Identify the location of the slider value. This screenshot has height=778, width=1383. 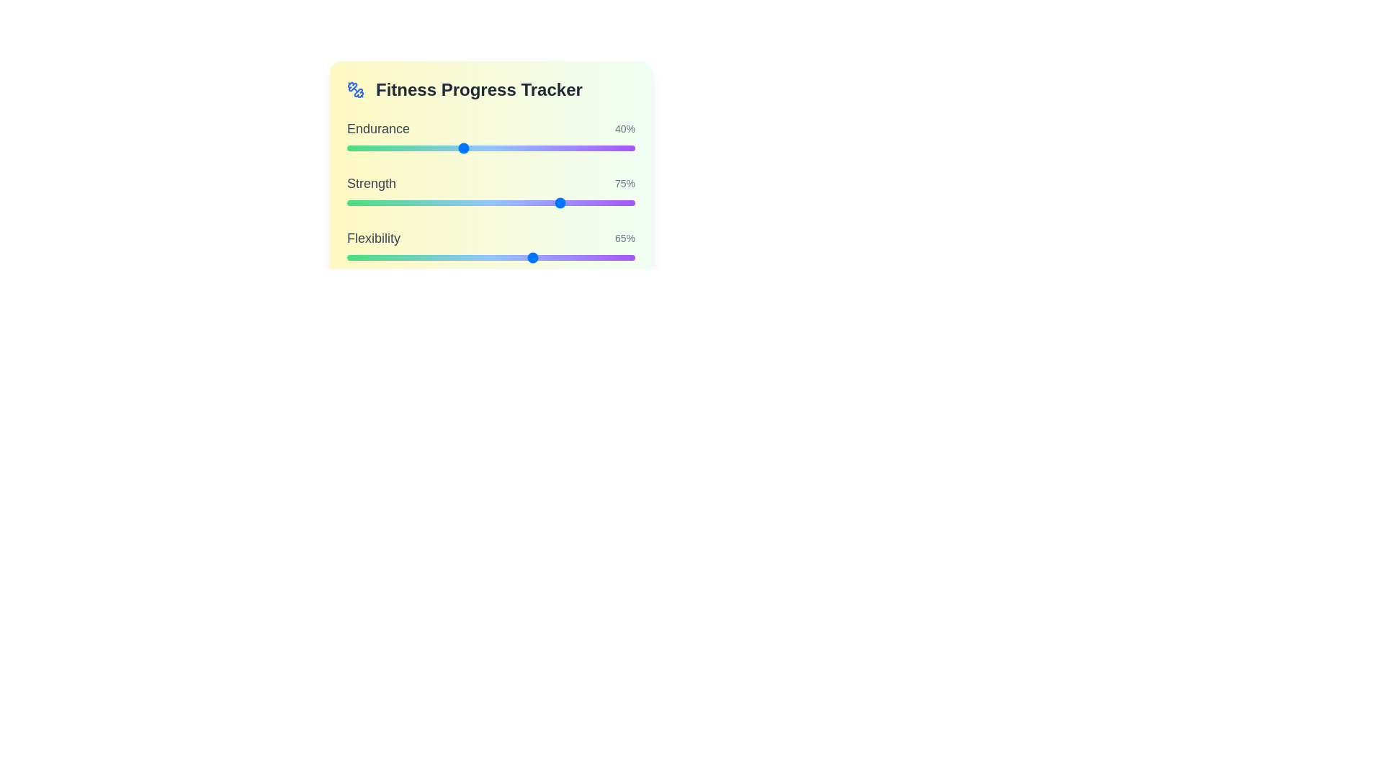
(421, 202).